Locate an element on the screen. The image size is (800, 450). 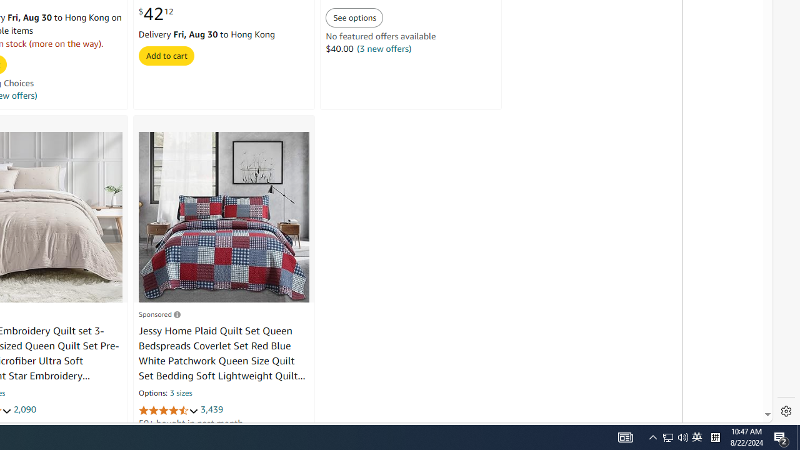
'View Sponsored information or leave ad feedback' is located at coordinates (159, 313).